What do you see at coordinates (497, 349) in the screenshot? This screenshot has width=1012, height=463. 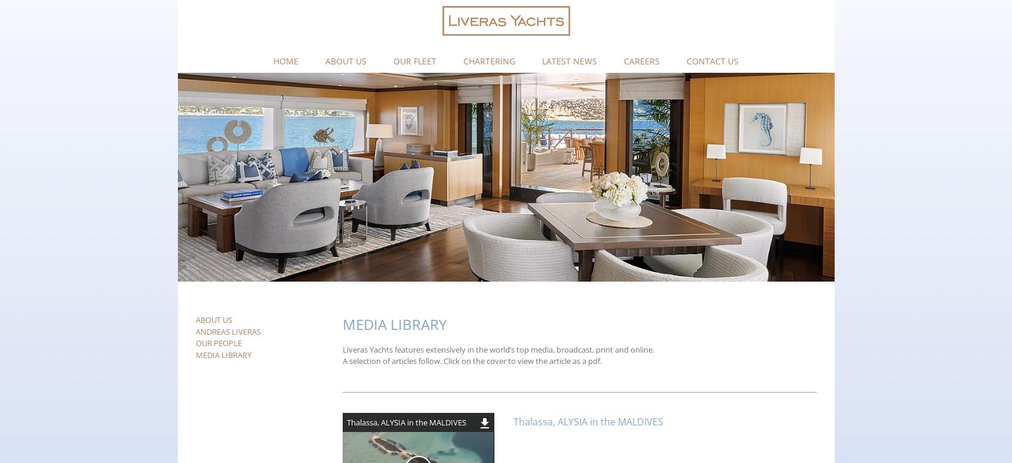 I see `'Liveras Yachts features extensively in the world’s top media, broadcast, print and online.'` at bounding box center [497, 349].